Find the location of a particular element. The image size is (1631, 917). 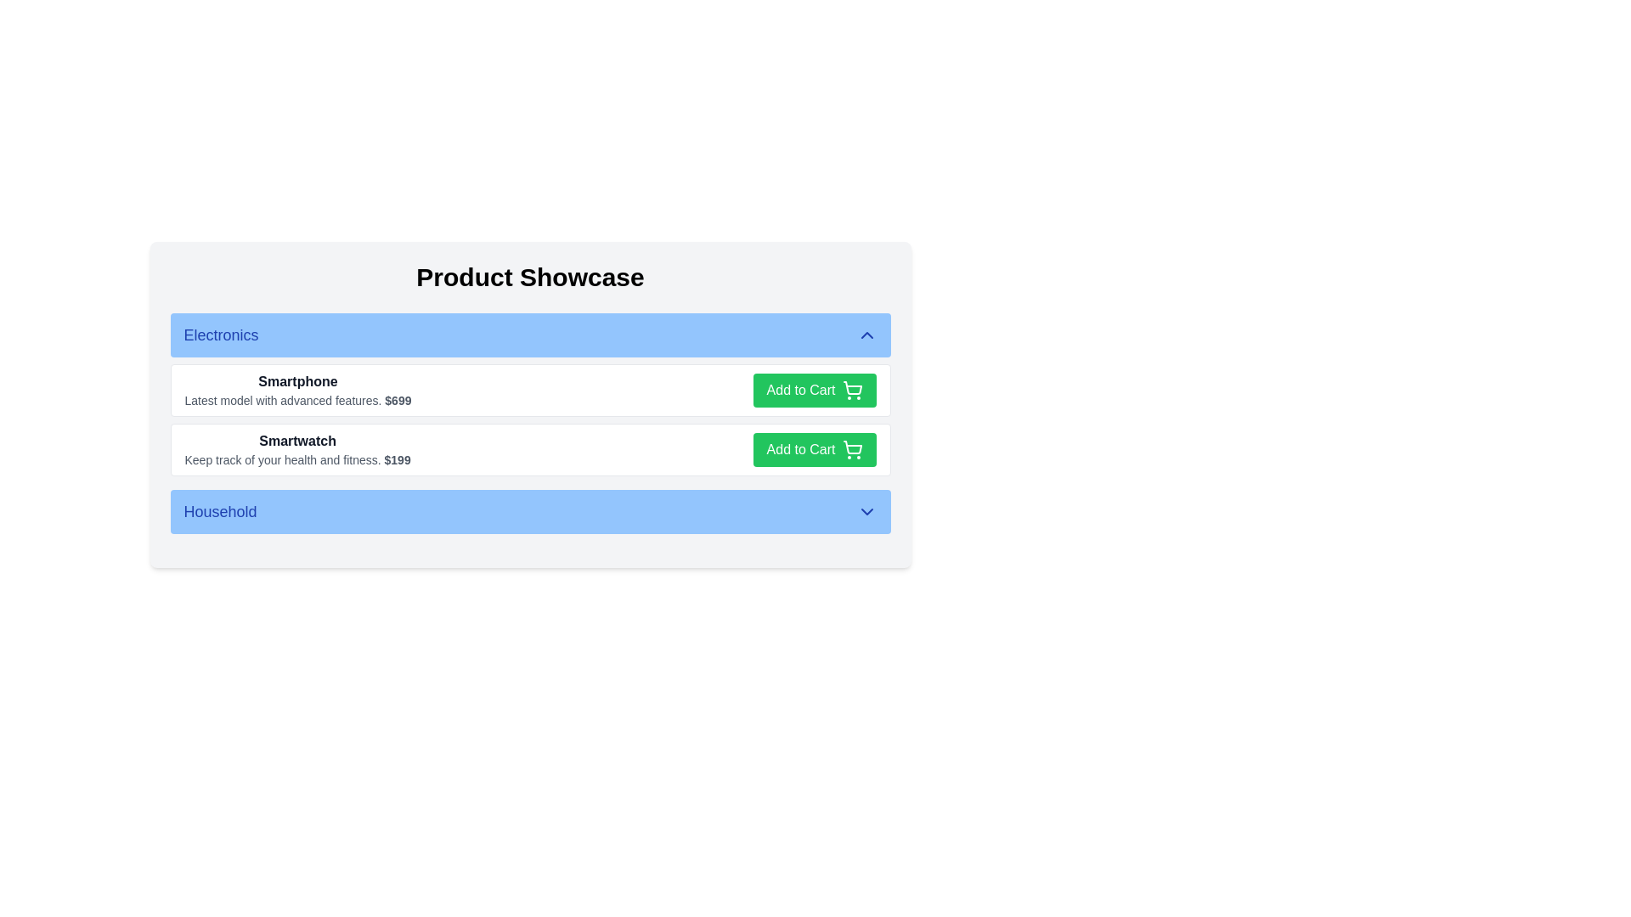

the text-based informational component displaying the product title 'Smartphone', its description, and price '$699' located in the first item under the 'Electronics' section is located at coordinates (297, 390).